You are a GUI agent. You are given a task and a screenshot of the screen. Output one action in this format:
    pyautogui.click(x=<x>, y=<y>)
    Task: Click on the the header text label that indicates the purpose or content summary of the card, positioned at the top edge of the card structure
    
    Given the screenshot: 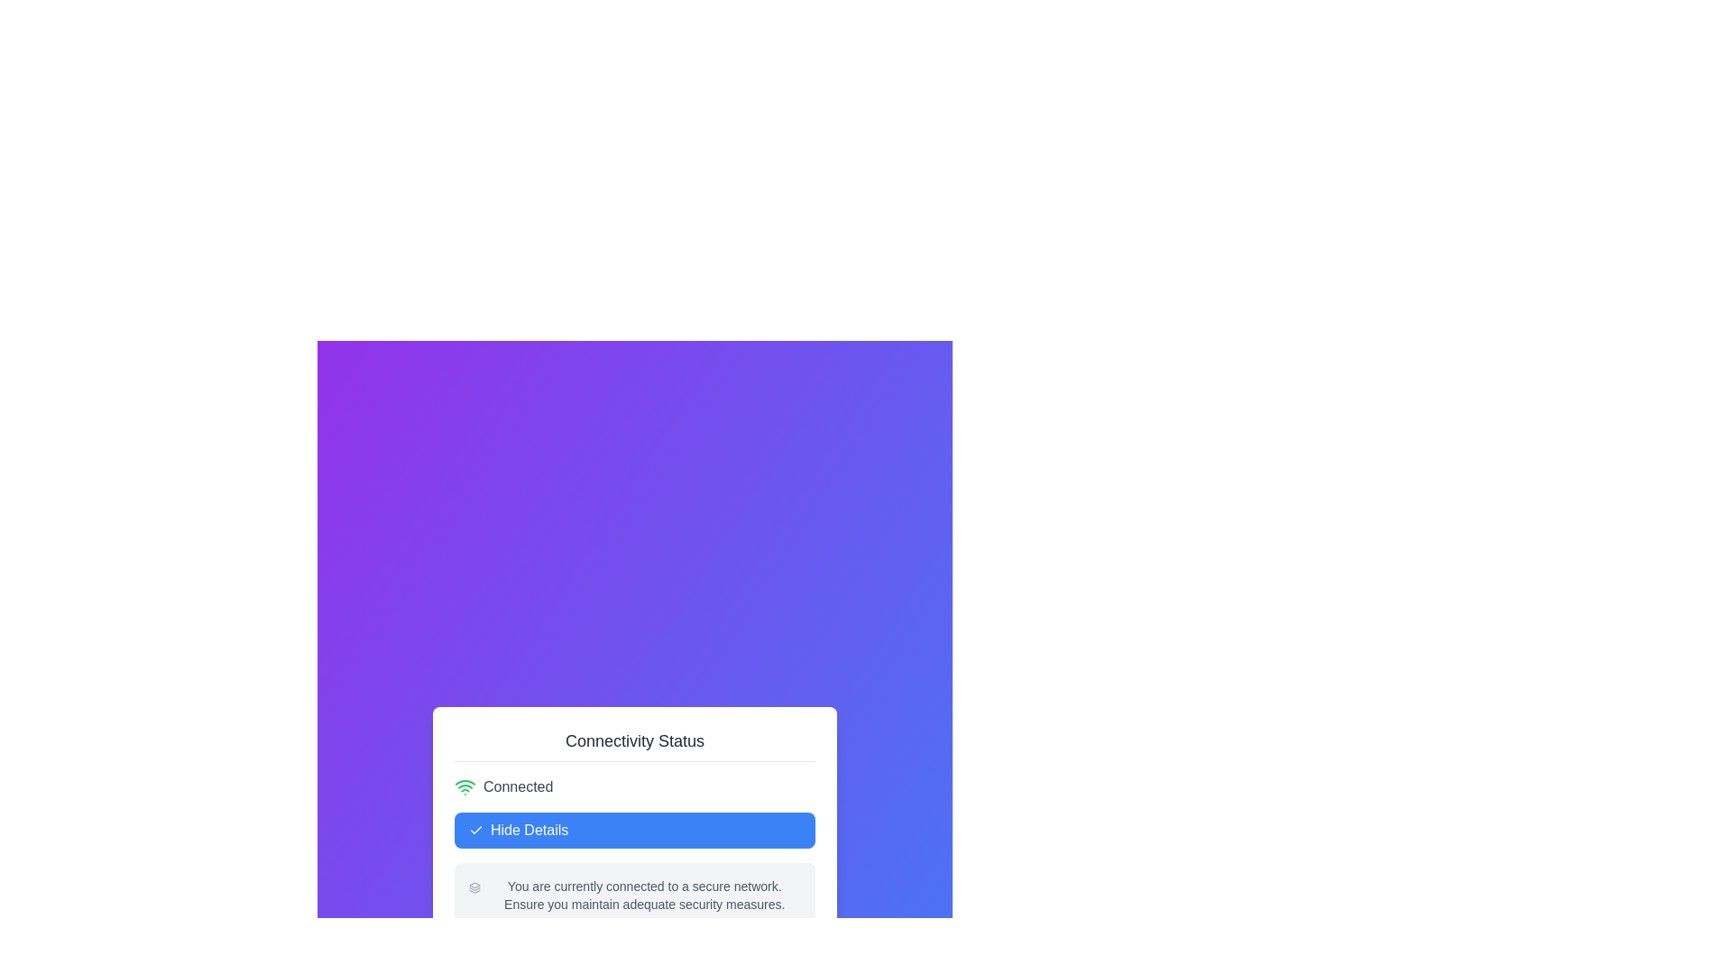 What is the action you would take?
    pyautogui.click(x=635, y=744)
    